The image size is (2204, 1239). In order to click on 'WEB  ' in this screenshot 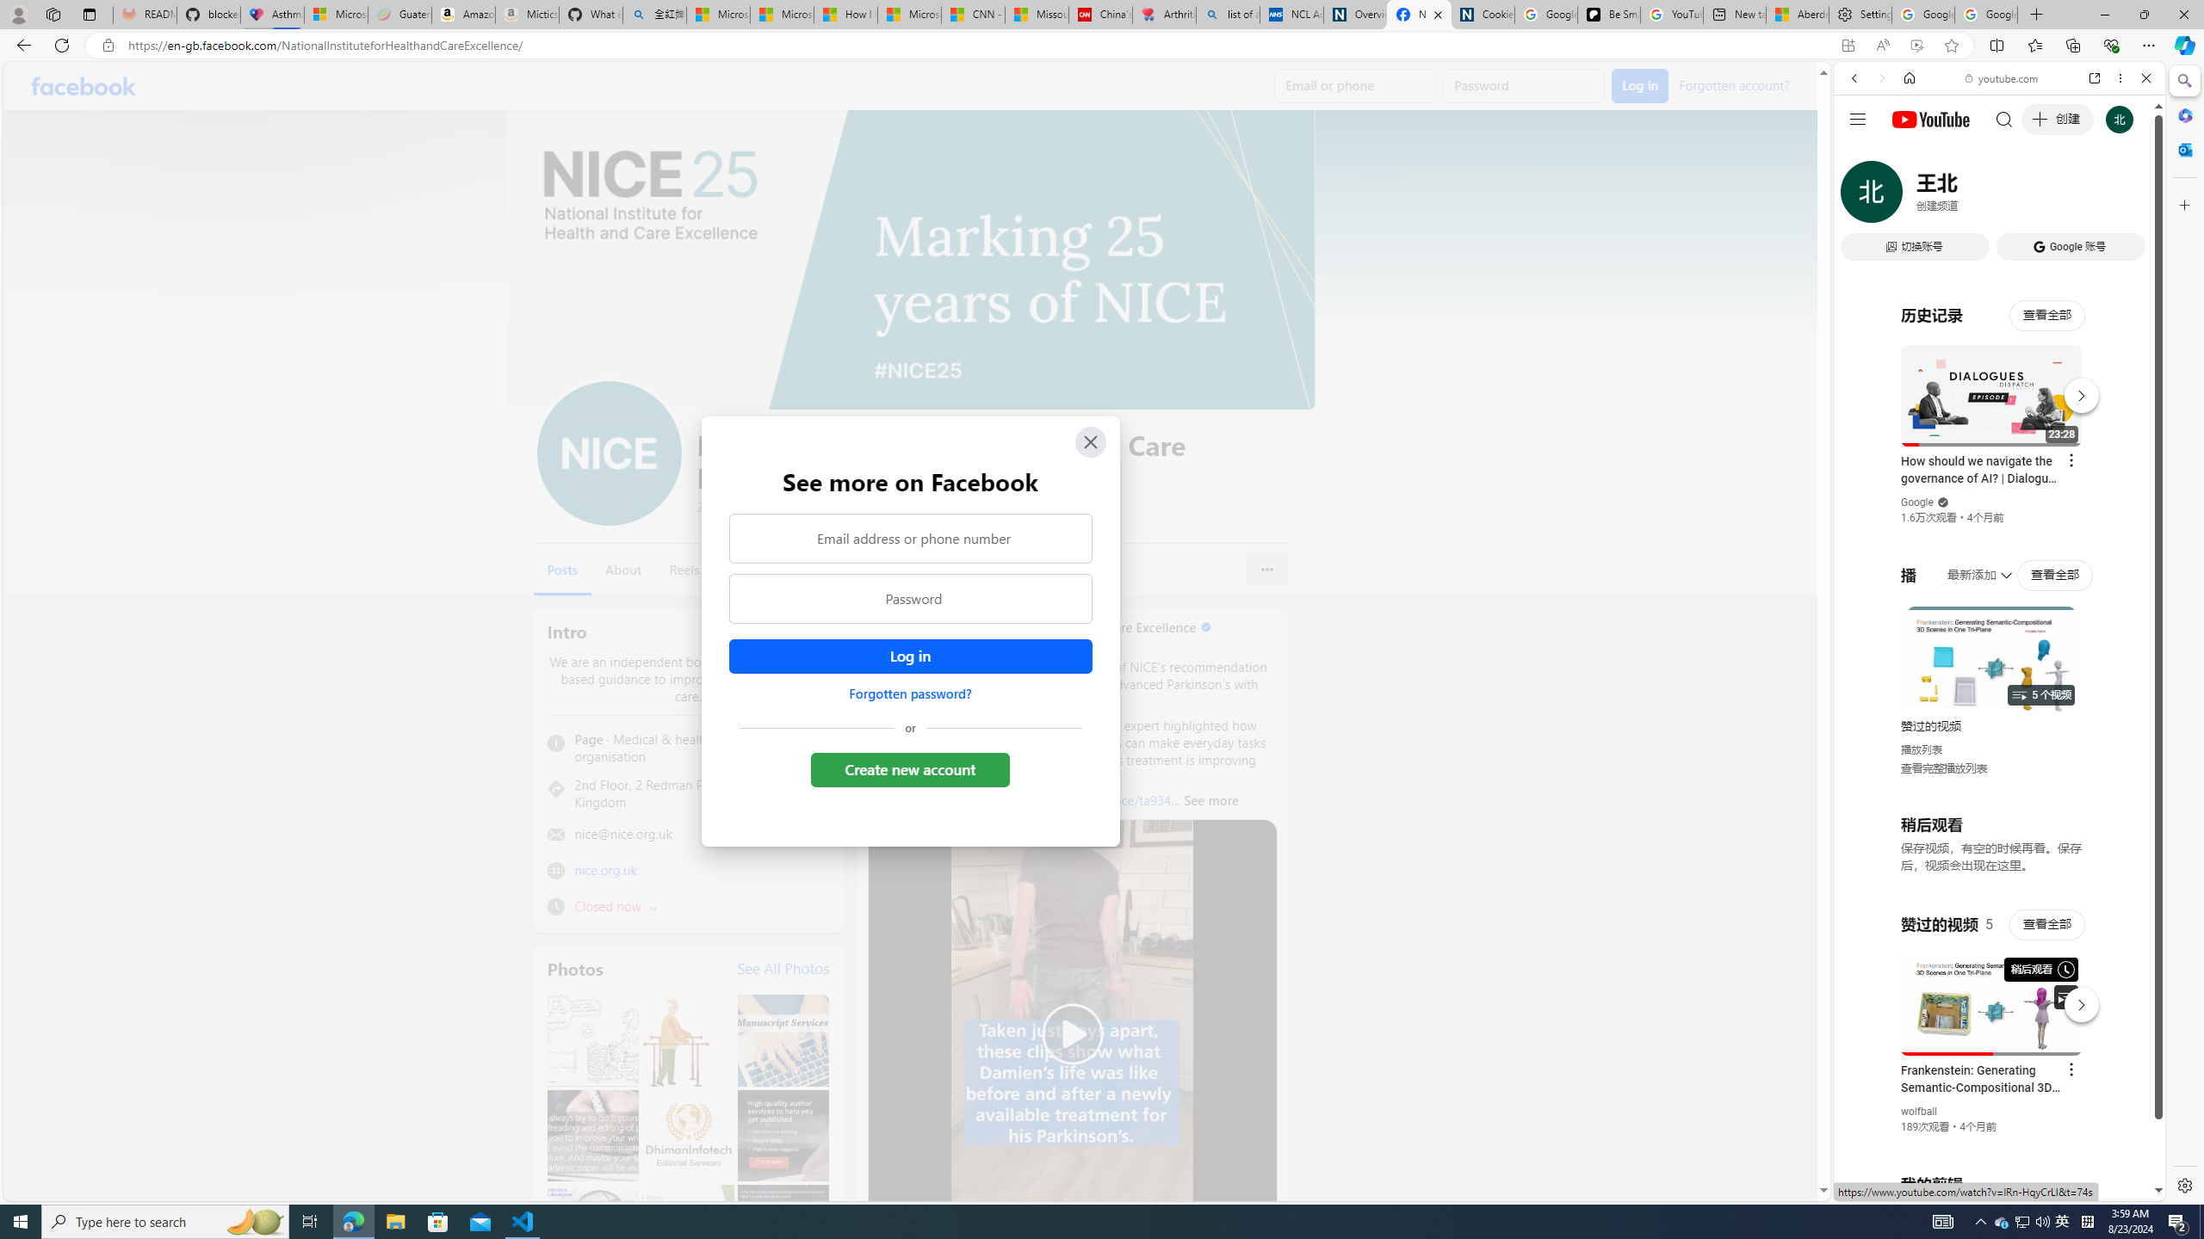, I will do `click(1861, 197)`.